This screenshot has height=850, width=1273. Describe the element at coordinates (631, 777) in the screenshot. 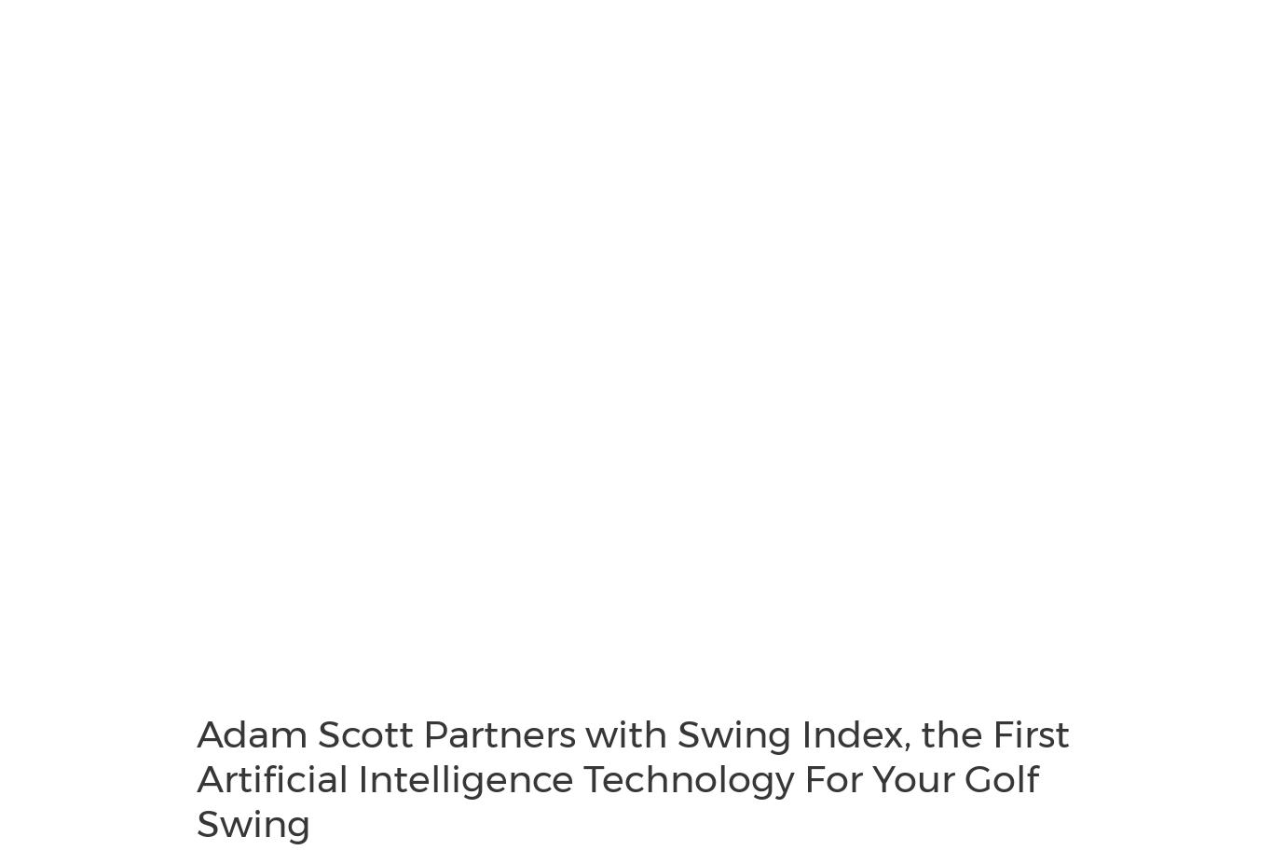

I see `'Adam Scott Partners with Swing Index, the First Artificial Intelligence Technology For Your Golf Swing'` at that location.